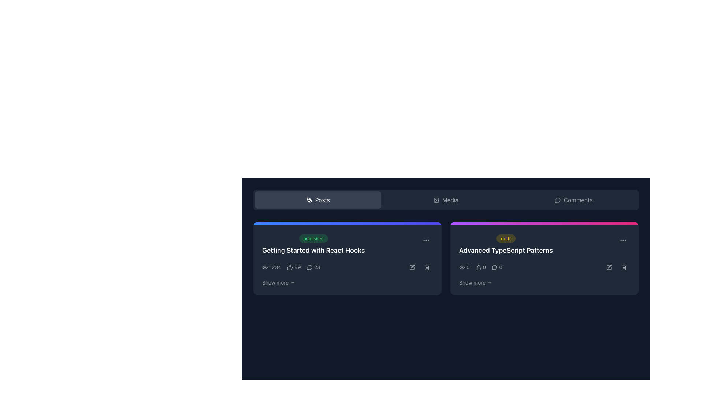  Describe the element at coordinates (505, 238) in the screenshot. I see `the rounded rectangular badge displaying the yellow 'draft' text, which indicates a draft status` at that location.